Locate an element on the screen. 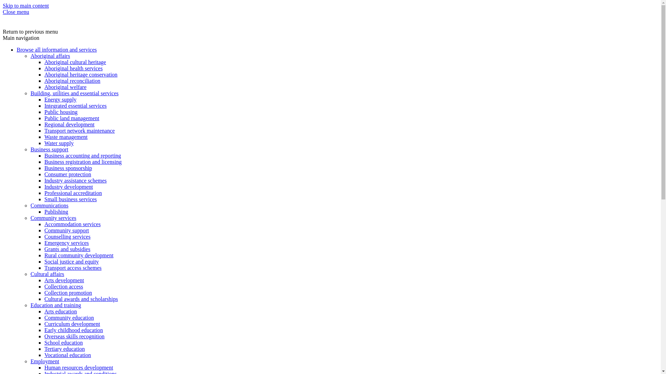 Image resolution: width=666 pixels, height=374 pixels. 'Cultural awards and scholarships' is located at coordinates (44, 299).